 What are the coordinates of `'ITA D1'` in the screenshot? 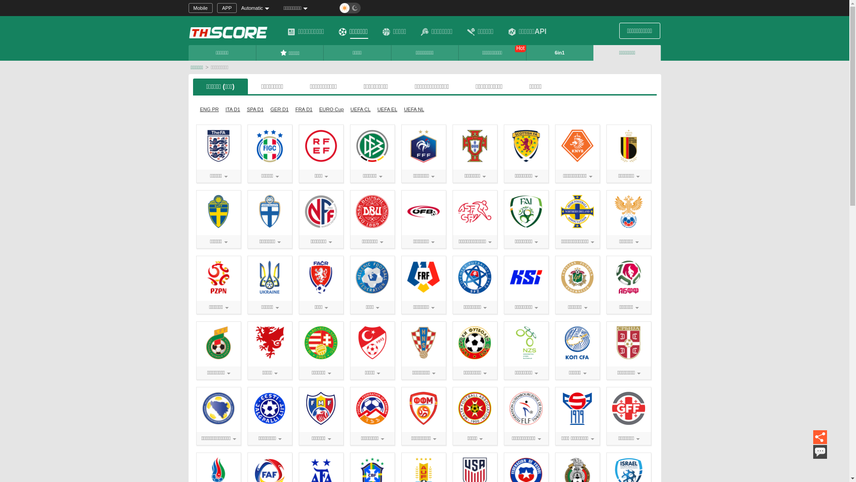 It's located at (233, 109).